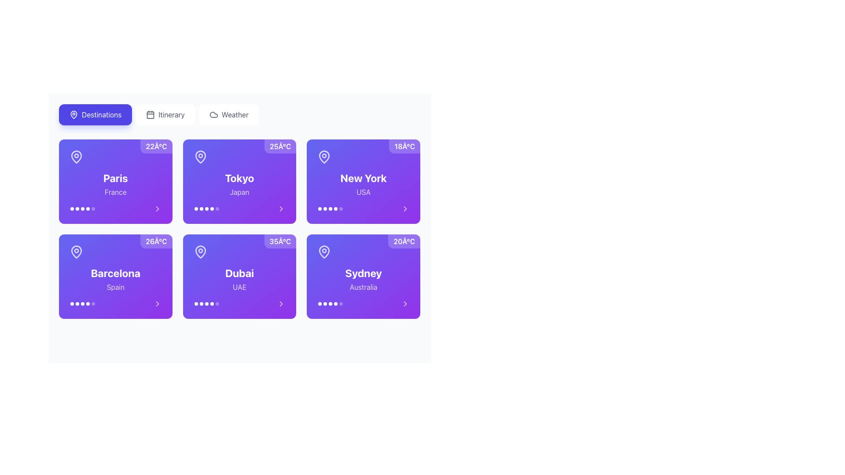 This screenshot has height=475, width=845. What do you see at coordinates (156, 241) in the screenshot?
I see `the text label displaying '26°C' in white, bold font, located at the top-right corner of the purple card for 'Barcelona, Spain'` at bounding box center [156, 241].